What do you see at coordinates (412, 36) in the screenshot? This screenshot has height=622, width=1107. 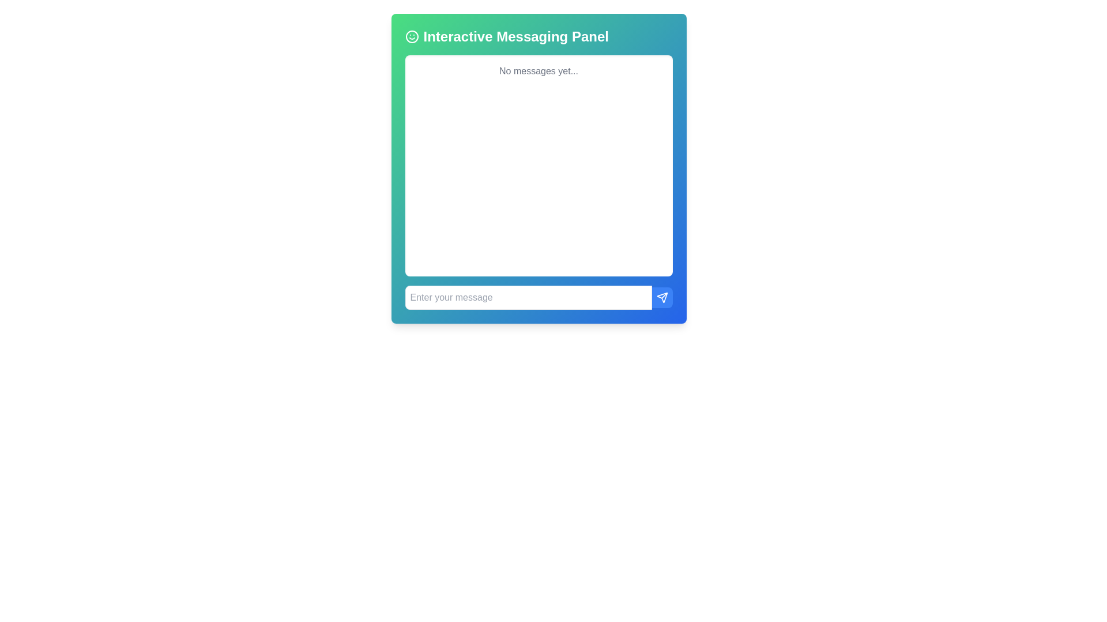 I see `the circular decorative icon located at the top-left corner of the 'Interactive Messaging Panel', which precedes the title text` at bounding box center [412, 36].